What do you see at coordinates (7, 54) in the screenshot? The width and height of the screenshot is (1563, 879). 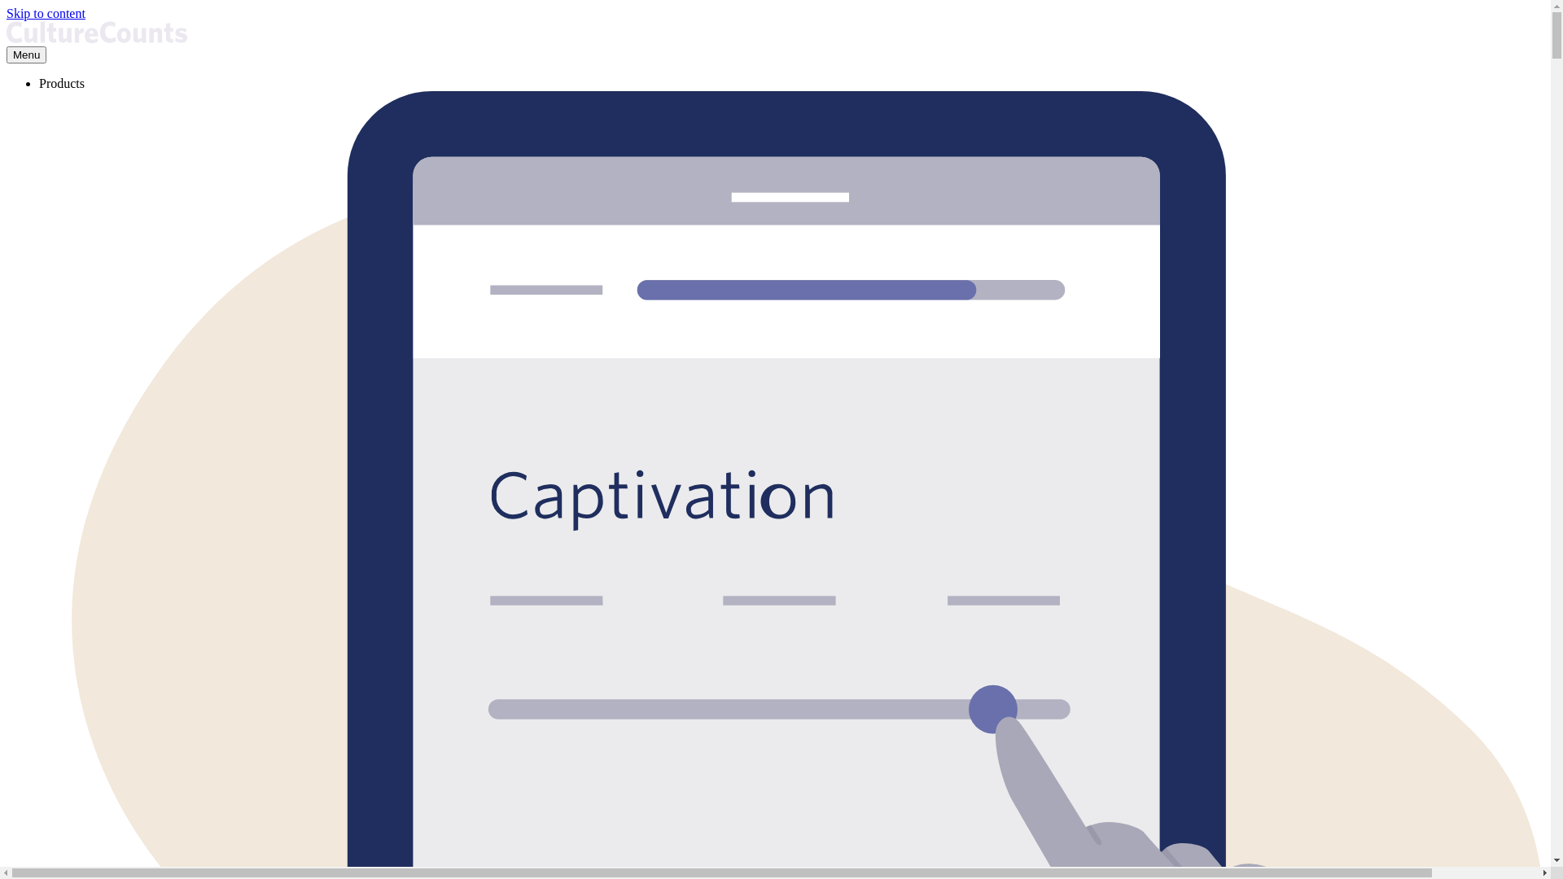 I see `'Menu'` at bounding box center [7, 54].